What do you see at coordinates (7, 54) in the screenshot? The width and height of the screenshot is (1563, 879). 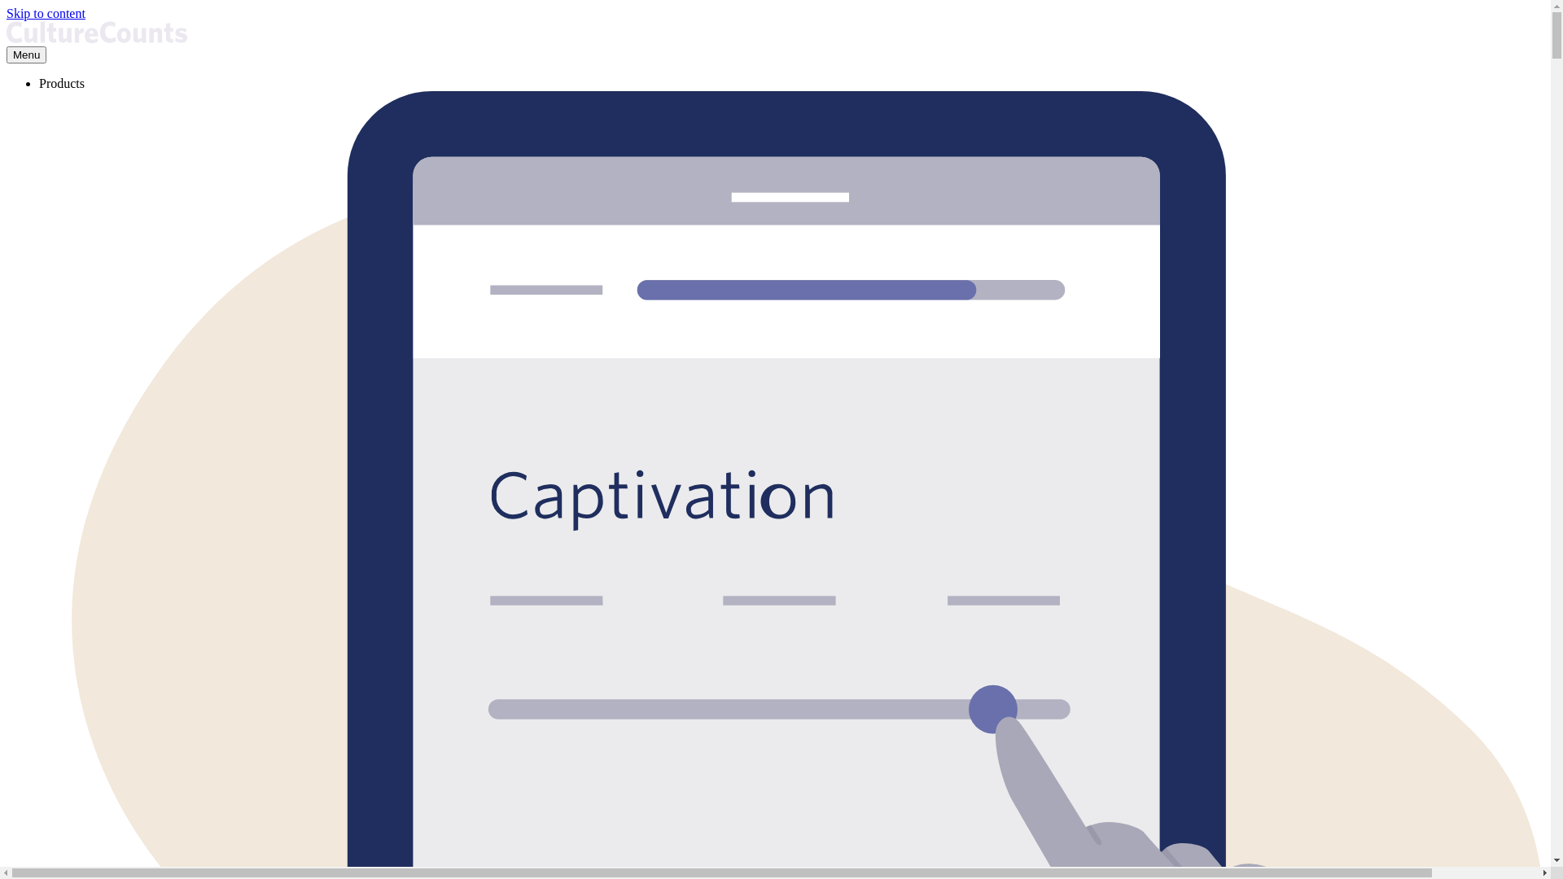 I see `'Menu'` at bounding box center [7, 54].